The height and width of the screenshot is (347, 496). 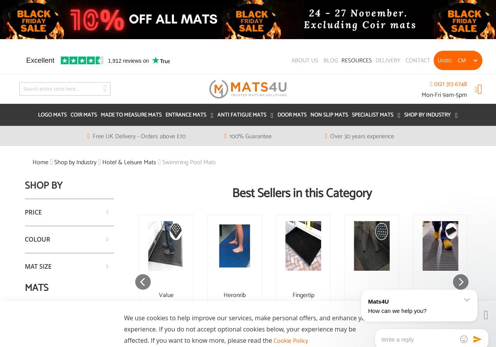 I want to click on 'Specialist Mats', so click(x=372, y=115).